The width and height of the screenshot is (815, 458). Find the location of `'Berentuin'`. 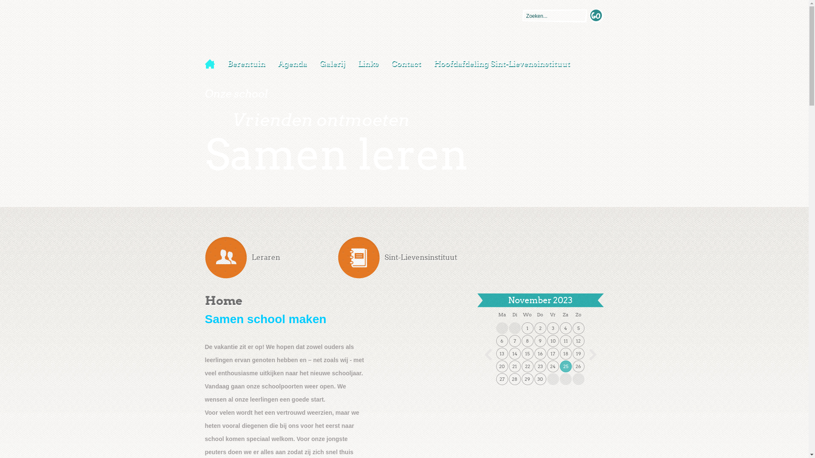

'Berentuin' is located at coordinates (220, 63).